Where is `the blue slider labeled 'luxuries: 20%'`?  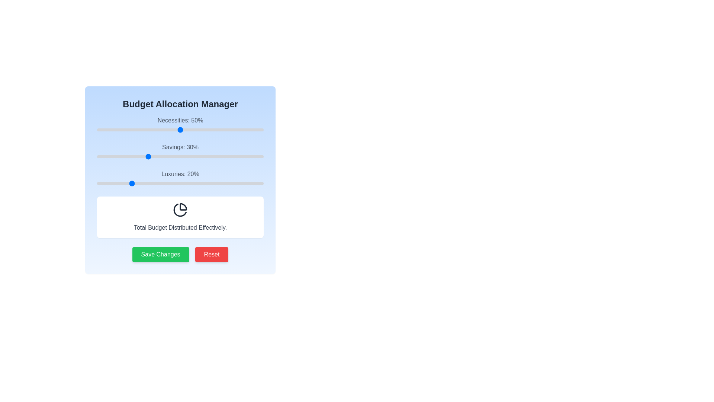 the blue slider labeled 'luxuries: 20%' is located at coordinates (180, 178).